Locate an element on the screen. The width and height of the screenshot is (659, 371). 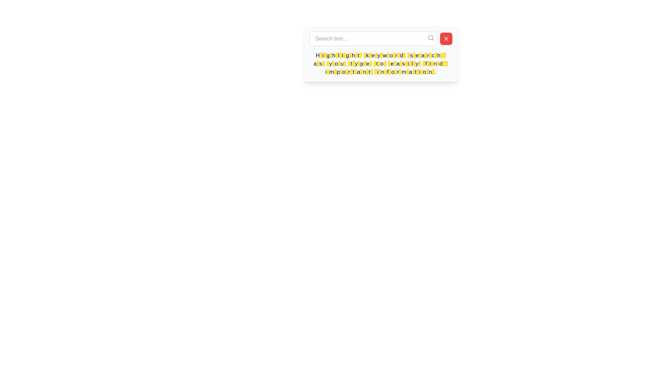
the eighth yellow-highlighted segment of the text block, which serves as a visual highlight for specific parts of the content is located at coordinates (356, 55).